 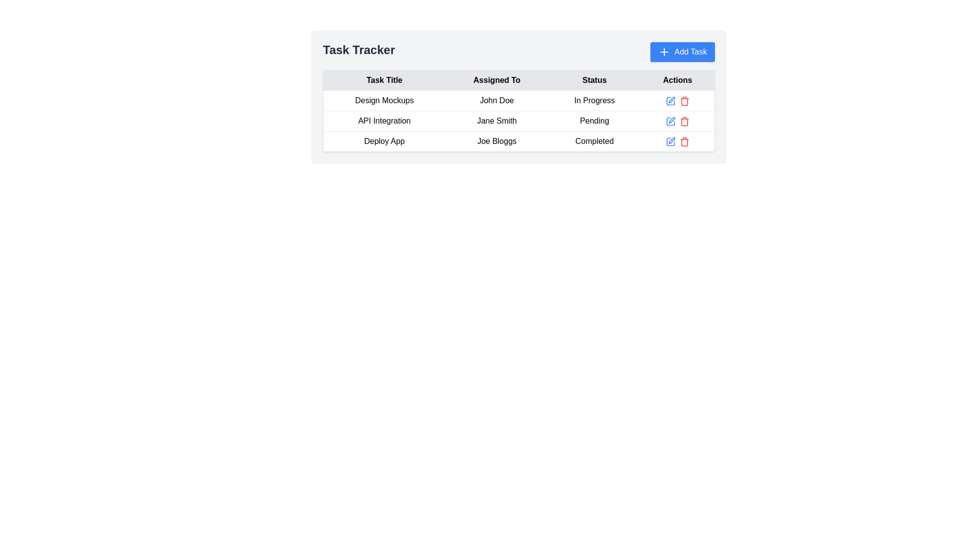 What do you see at coordinates (384, 141) in the screenshot?
I see `the 'Deploy App' text label in the 'Task Tracker' table, located in the third row, first column` at bounding box center [384, 141].